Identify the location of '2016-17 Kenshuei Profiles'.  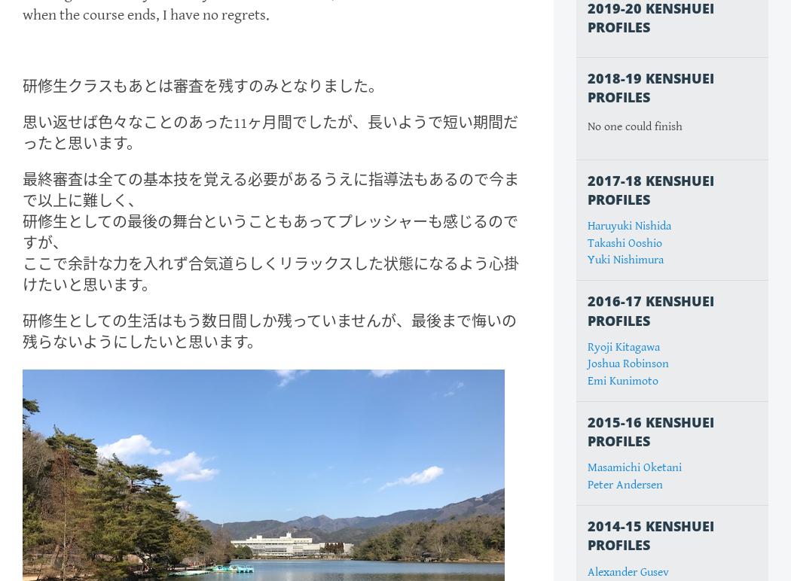
(588, 310).